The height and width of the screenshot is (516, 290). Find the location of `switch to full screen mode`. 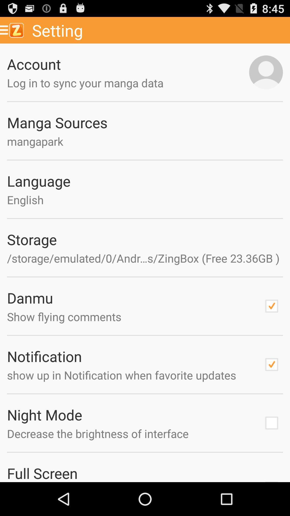

switch to full screen mode is located at coordinates (271, 479).